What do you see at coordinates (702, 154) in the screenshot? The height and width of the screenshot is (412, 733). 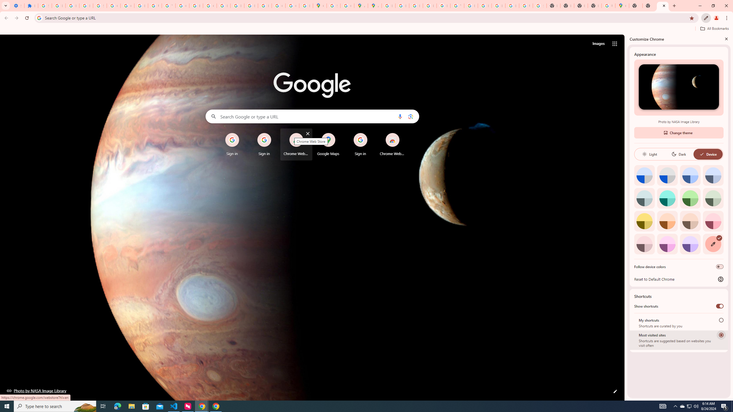 I see `'AutomationID: baseSvg'` at bounding box center [702, 154].